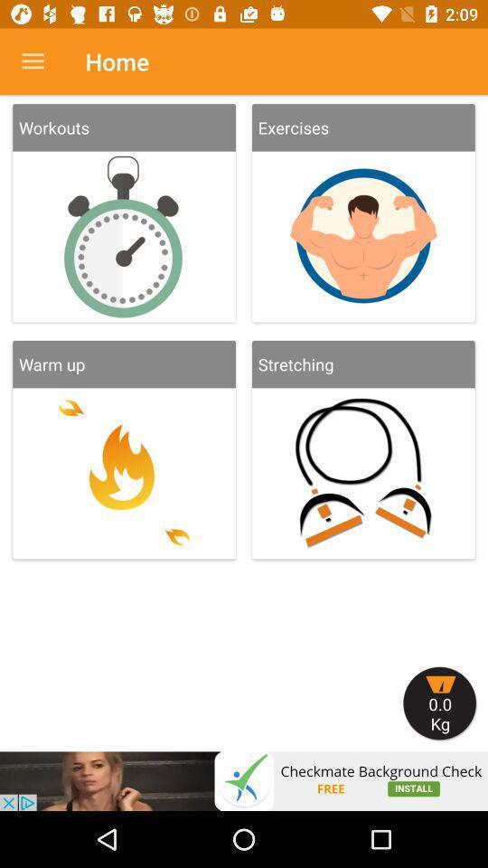 This screenshot has width=488, height=868. Describe the element at coordinates (244, 780) in the screenshot. I see `opens the advertisement` at that location.